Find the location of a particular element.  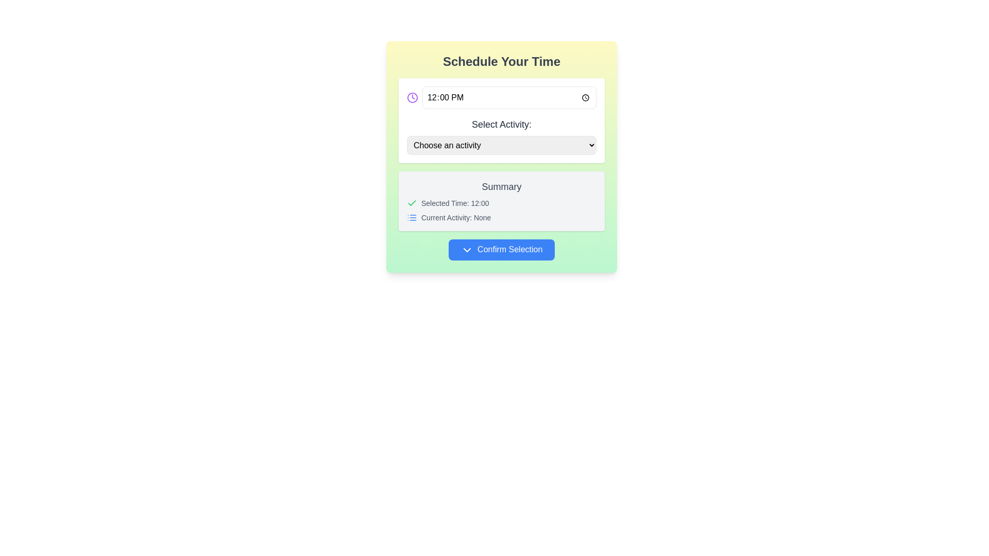

the indication of the checkmark icon located in the 'Summary' section, which signifies confirmation of the associated information is located at coordinates (412, 202).